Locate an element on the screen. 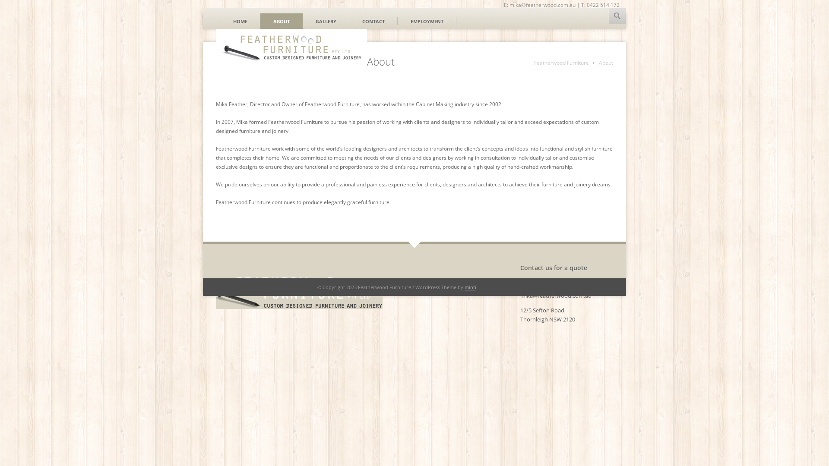 This screenshot has width=829, height=466. 'HOME' is located at coordinates (220, 21).